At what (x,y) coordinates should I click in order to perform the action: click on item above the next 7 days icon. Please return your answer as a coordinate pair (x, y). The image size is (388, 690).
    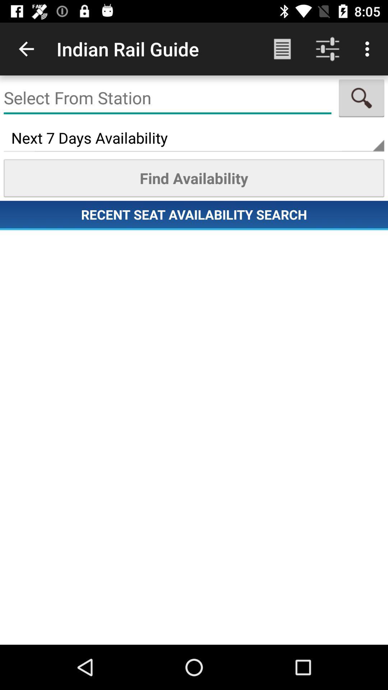
    Looking at the image, I should click on (361, 98).